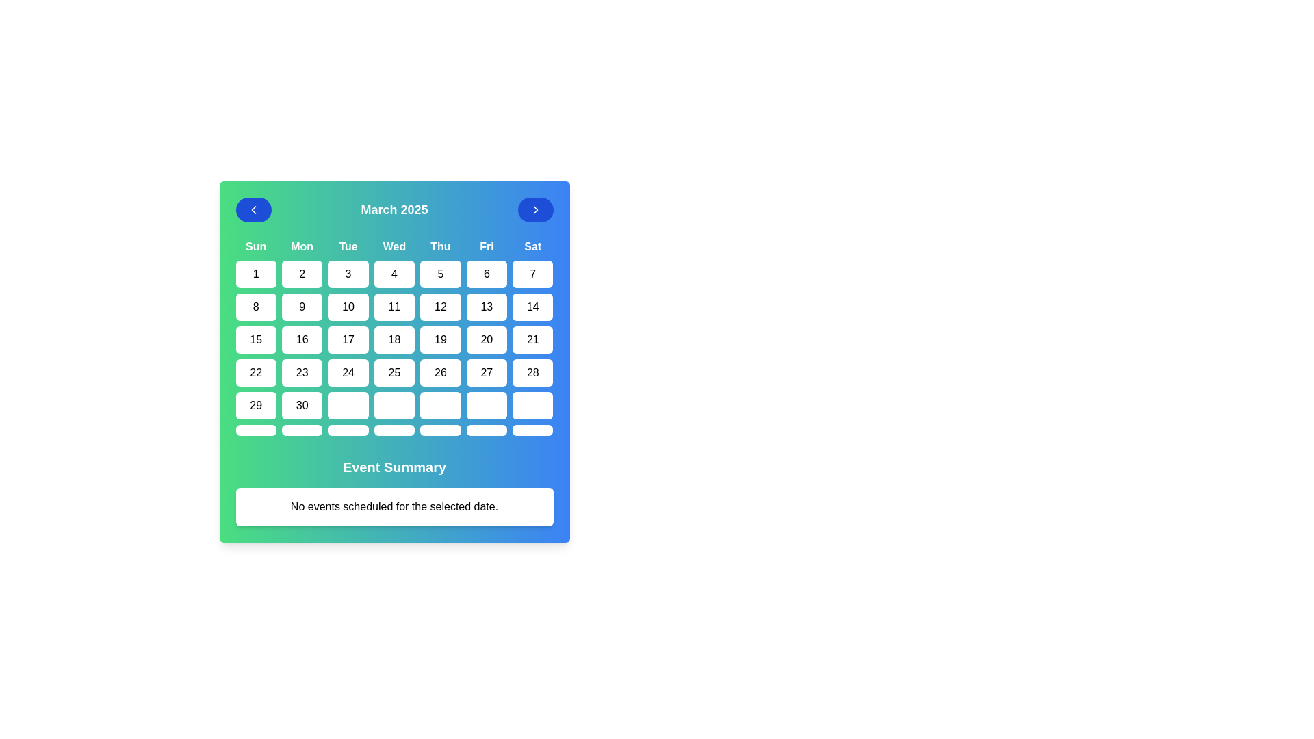 The height and width of the screenshot is (739, 1314). I want to click on the rectangular button with the text '16' in bold black font, located in the calendar grid representing the date for the third week and second column (Monday), so click(301, 339).